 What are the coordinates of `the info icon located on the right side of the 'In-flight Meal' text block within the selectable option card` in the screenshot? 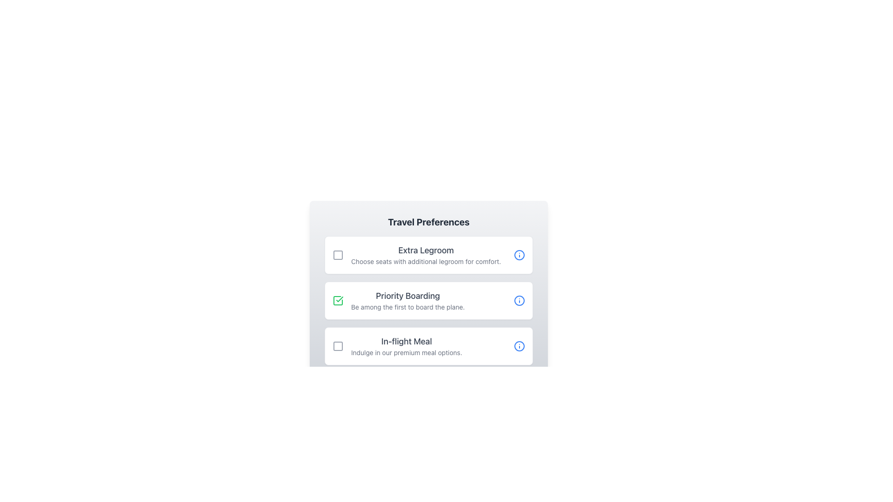 It's located at (397, 346).